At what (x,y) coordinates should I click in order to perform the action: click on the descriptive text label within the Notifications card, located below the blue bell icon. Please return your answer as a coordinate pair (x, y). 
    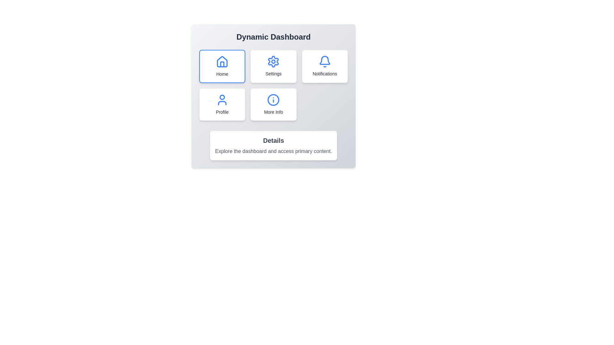
    Looking at the image, I should click on (325, 73).